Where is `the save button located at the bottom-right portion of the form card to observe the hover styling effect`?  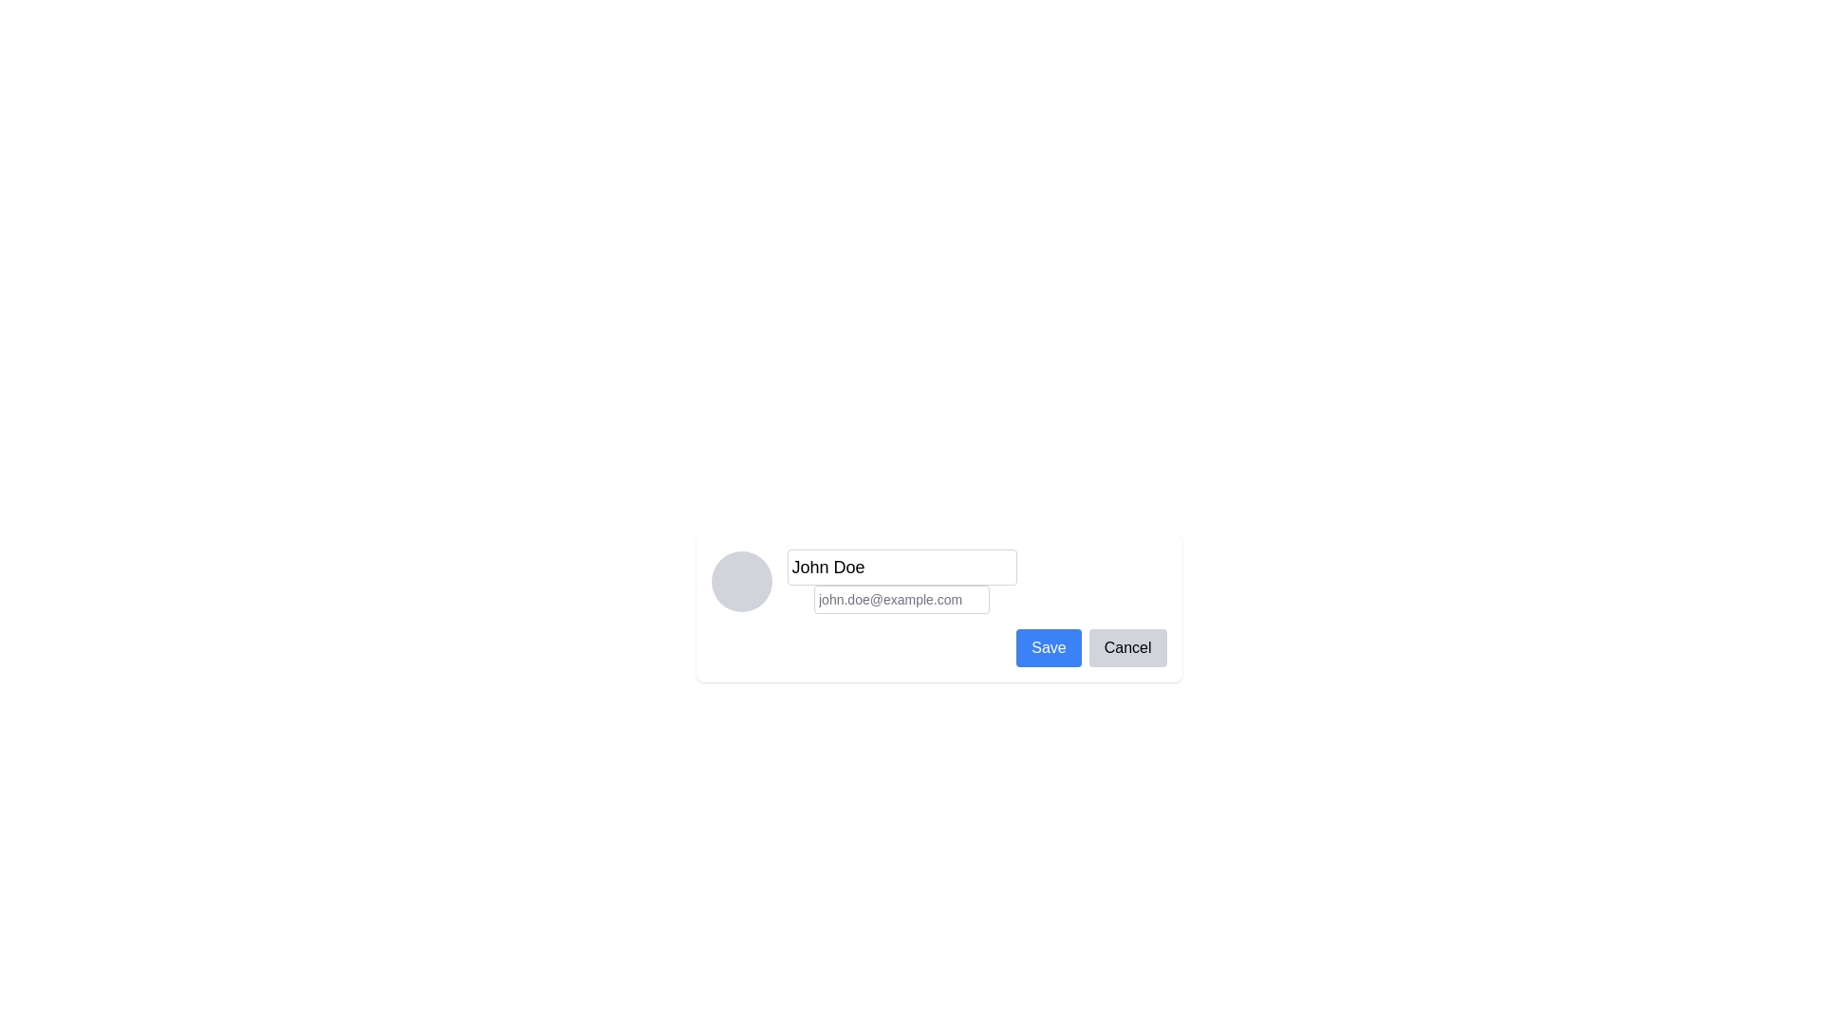
the save button located at the bottom-right portion of the form card to observe the hover styling effect is located at coordinates (1048, 646).